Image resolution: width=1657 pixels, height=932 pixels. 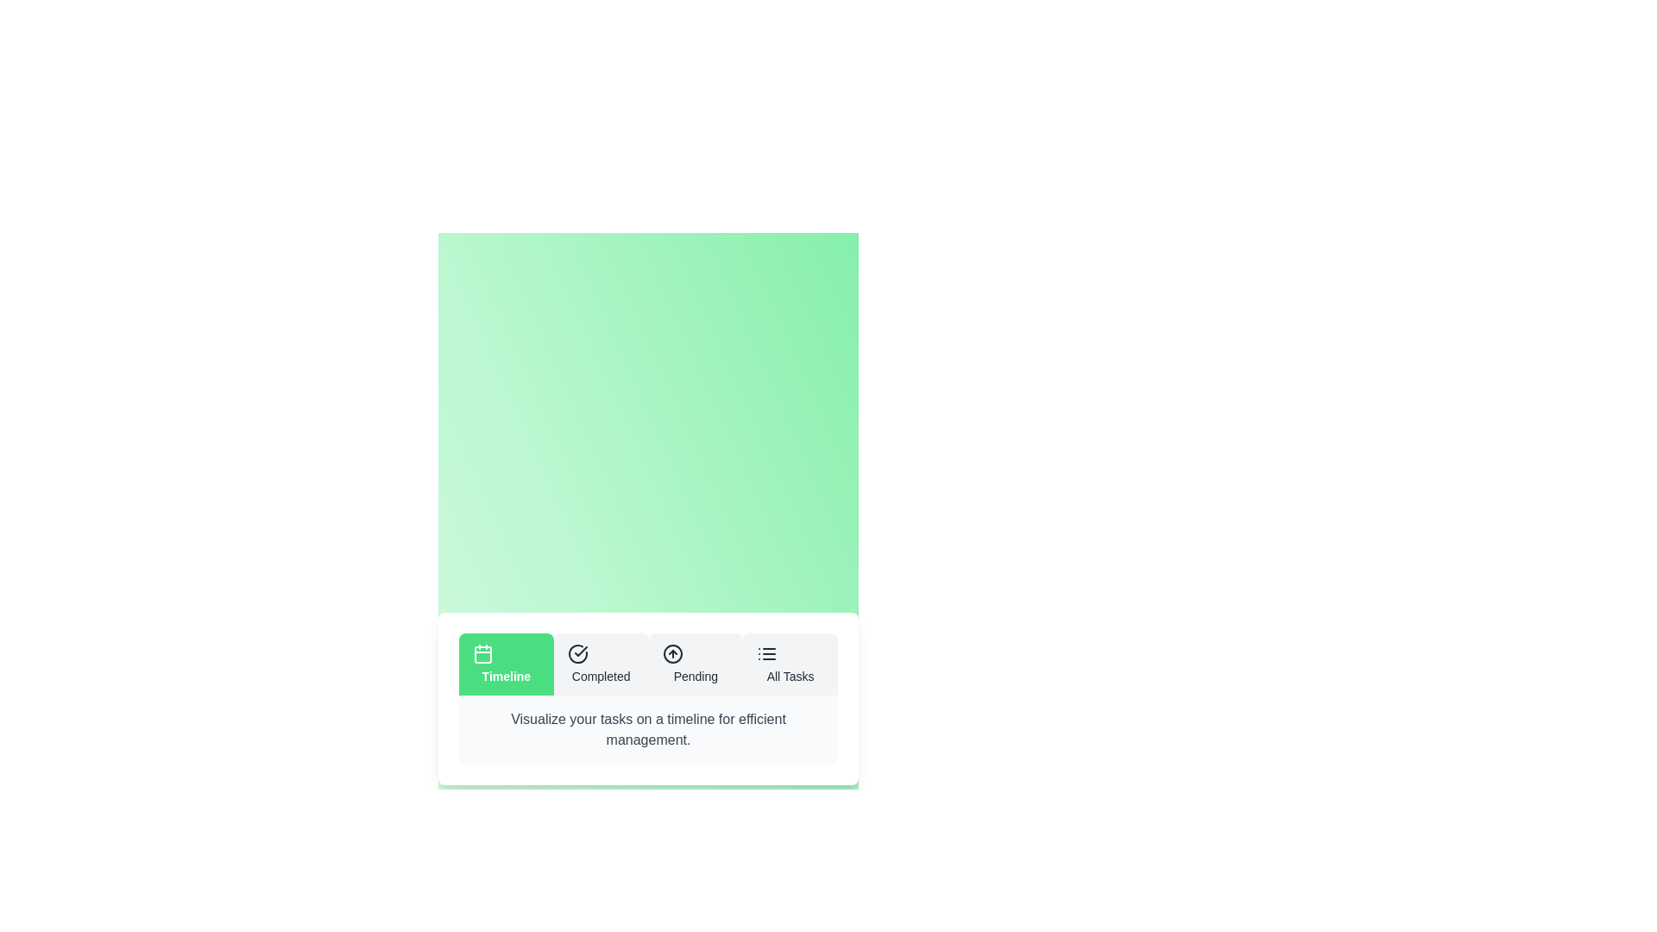 I want to click on the Pending tab to view its hover effect, so click(x=696, y=664).